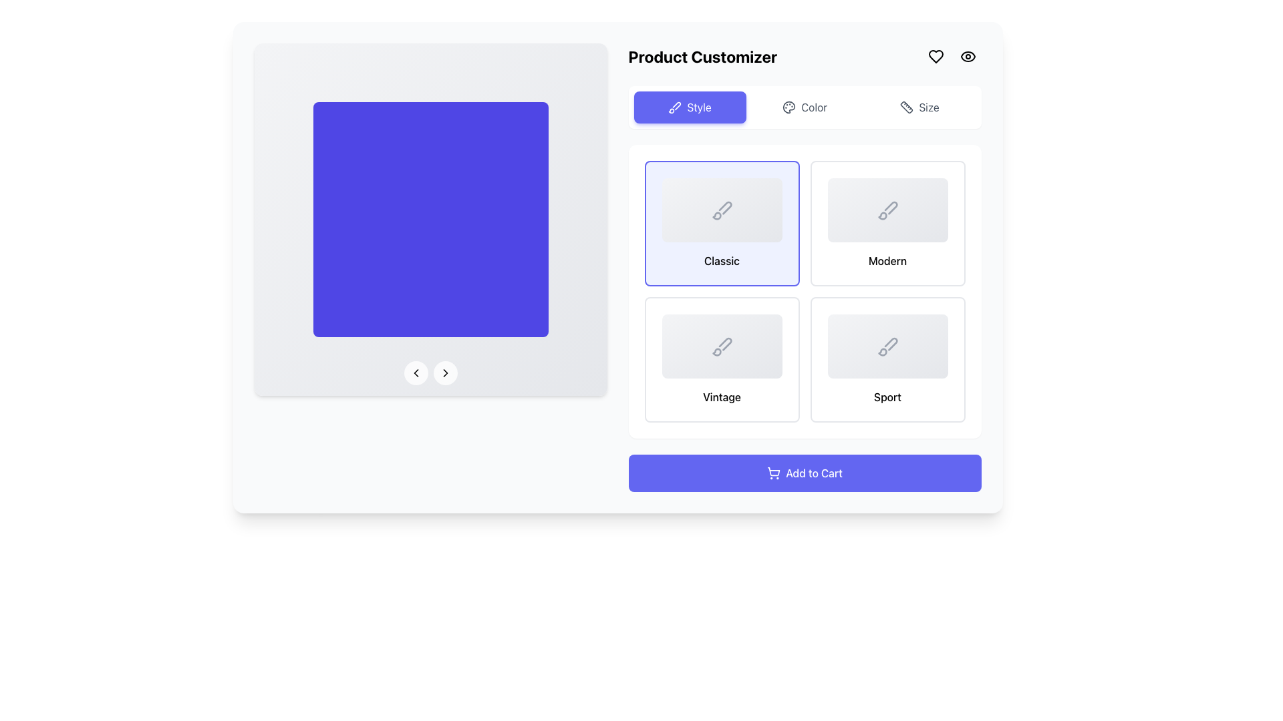  Describe the element at coordinates (935, 55) in the screenshot. I see `the heart-shaped SVG icon located` at that location.